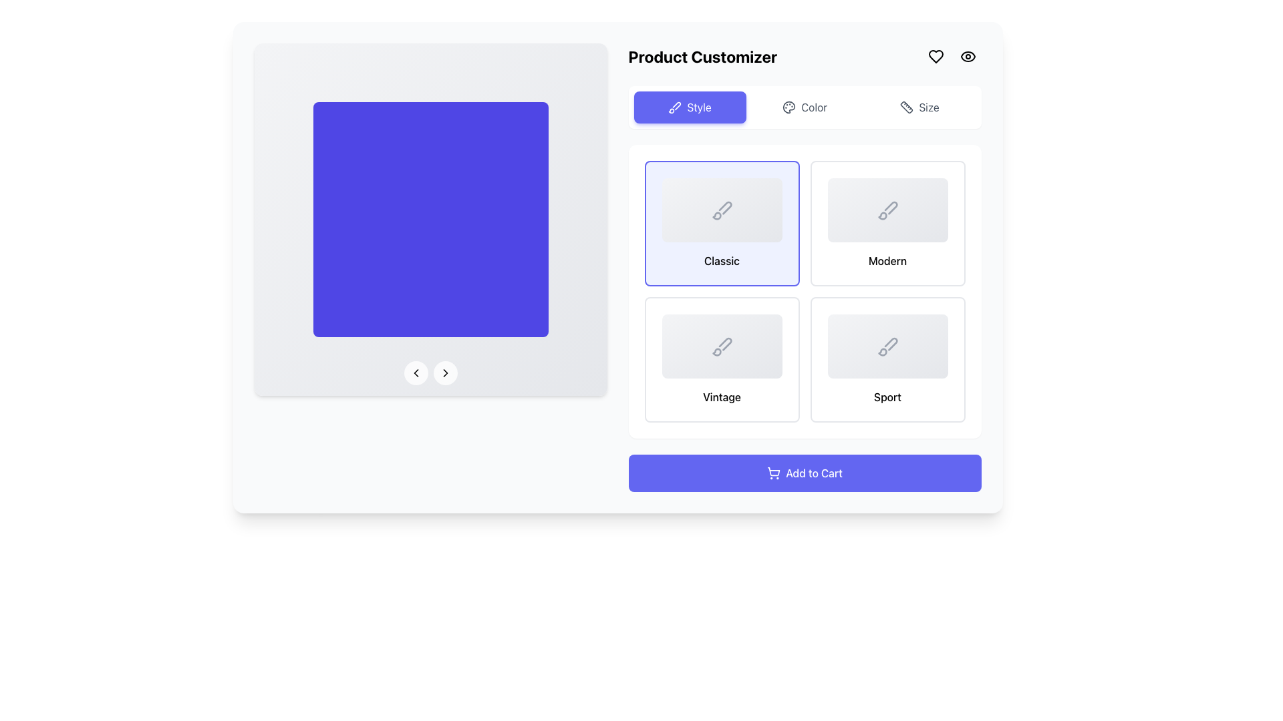  Describe the element at coordinates (935, 55) in the screenshot. I see `the heart-shaped SVG icon located` at that location.